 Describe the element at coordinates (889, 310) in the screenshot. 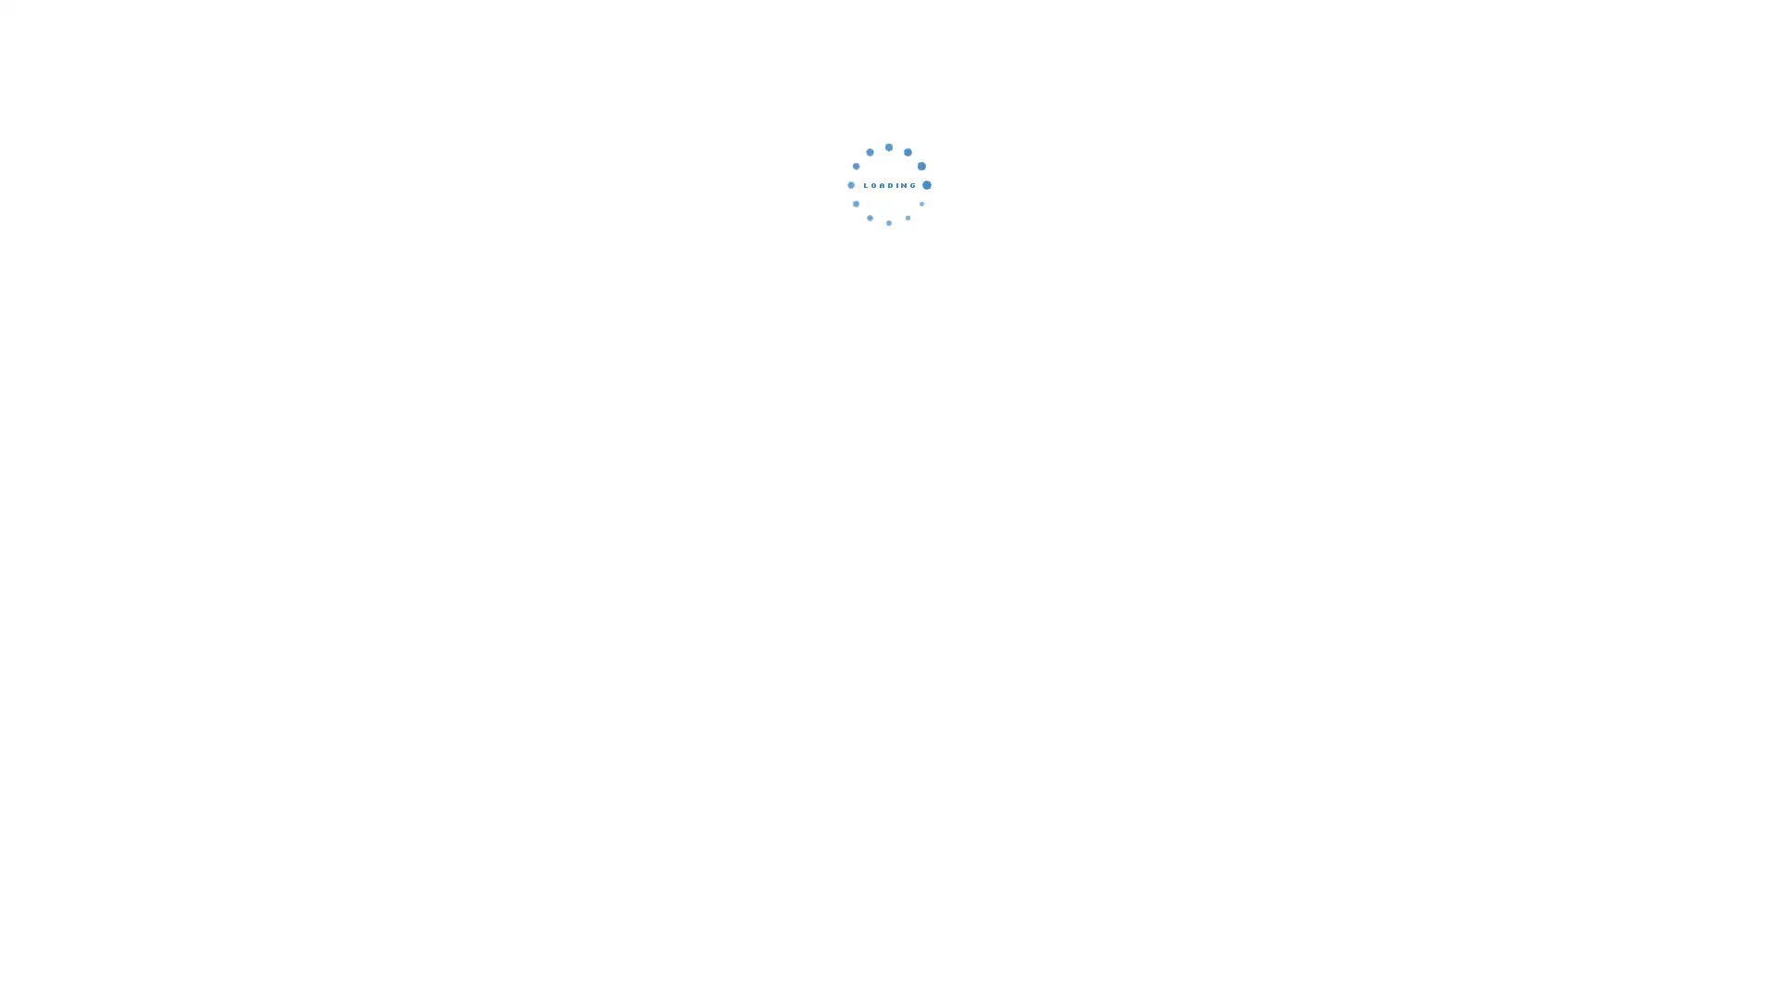

I see `Continue` at that location.